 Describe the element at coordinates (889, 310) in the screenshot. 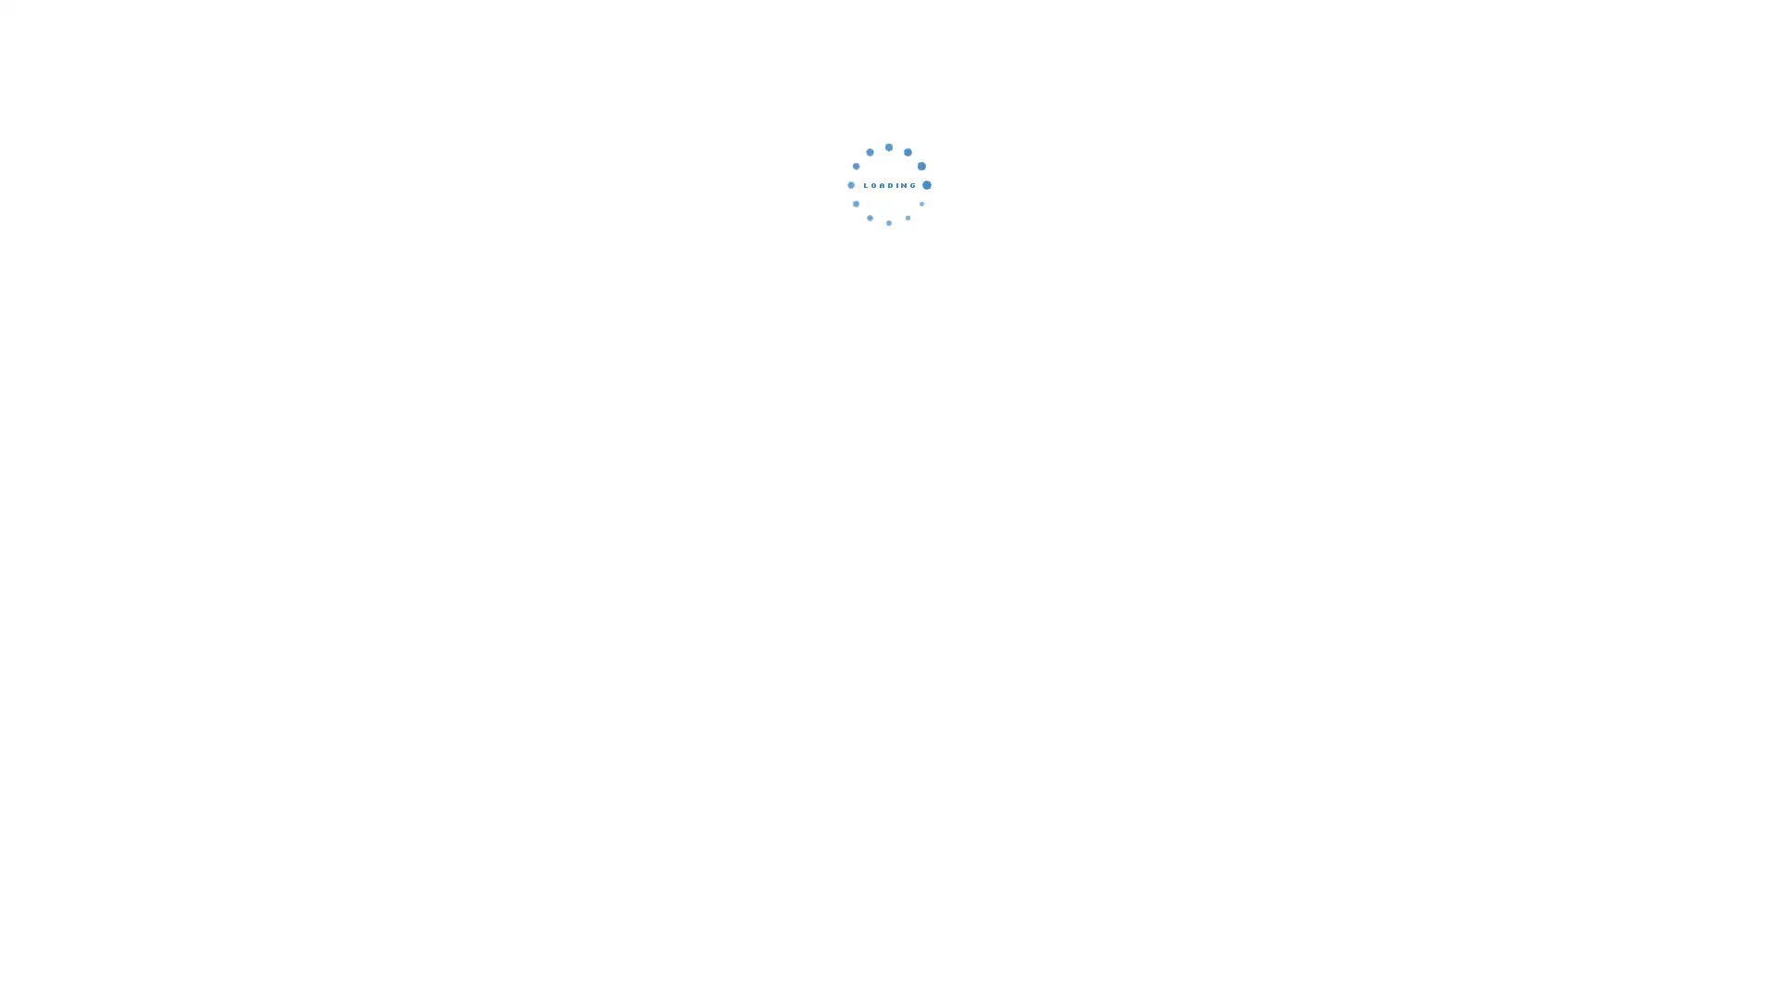

I see `Continue` at that location.